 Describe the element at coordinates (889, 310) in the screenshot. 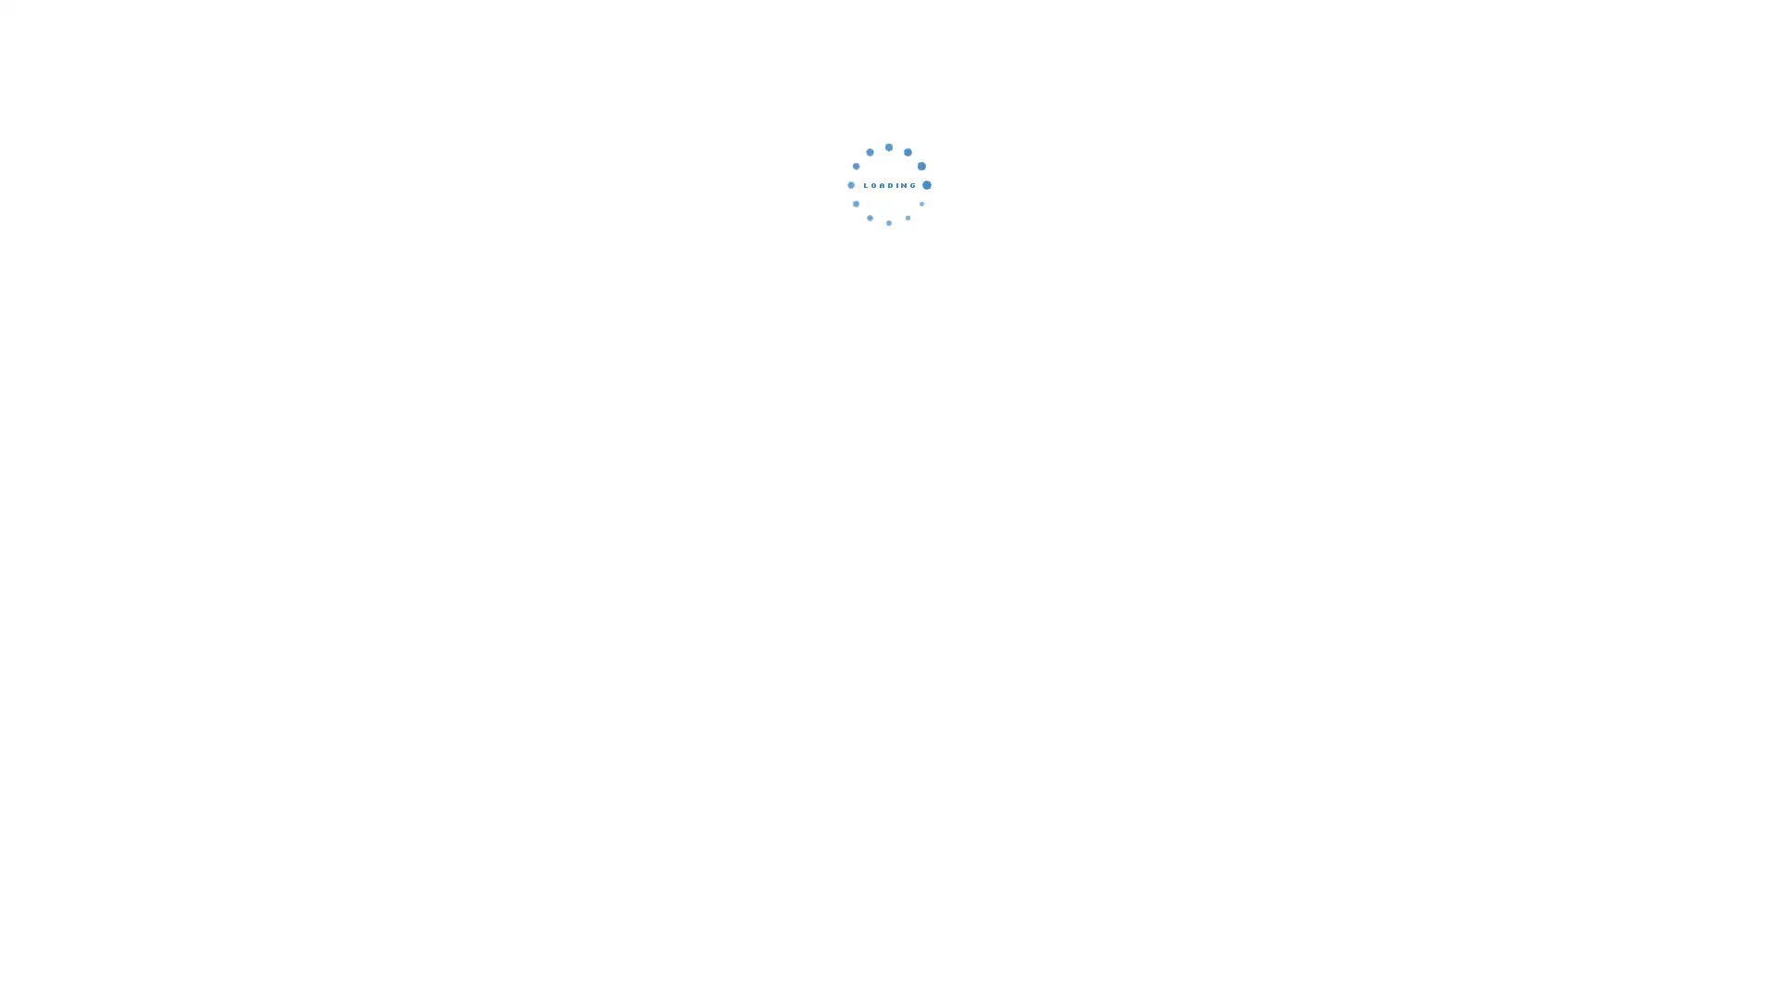

I see `Continue` at that location.